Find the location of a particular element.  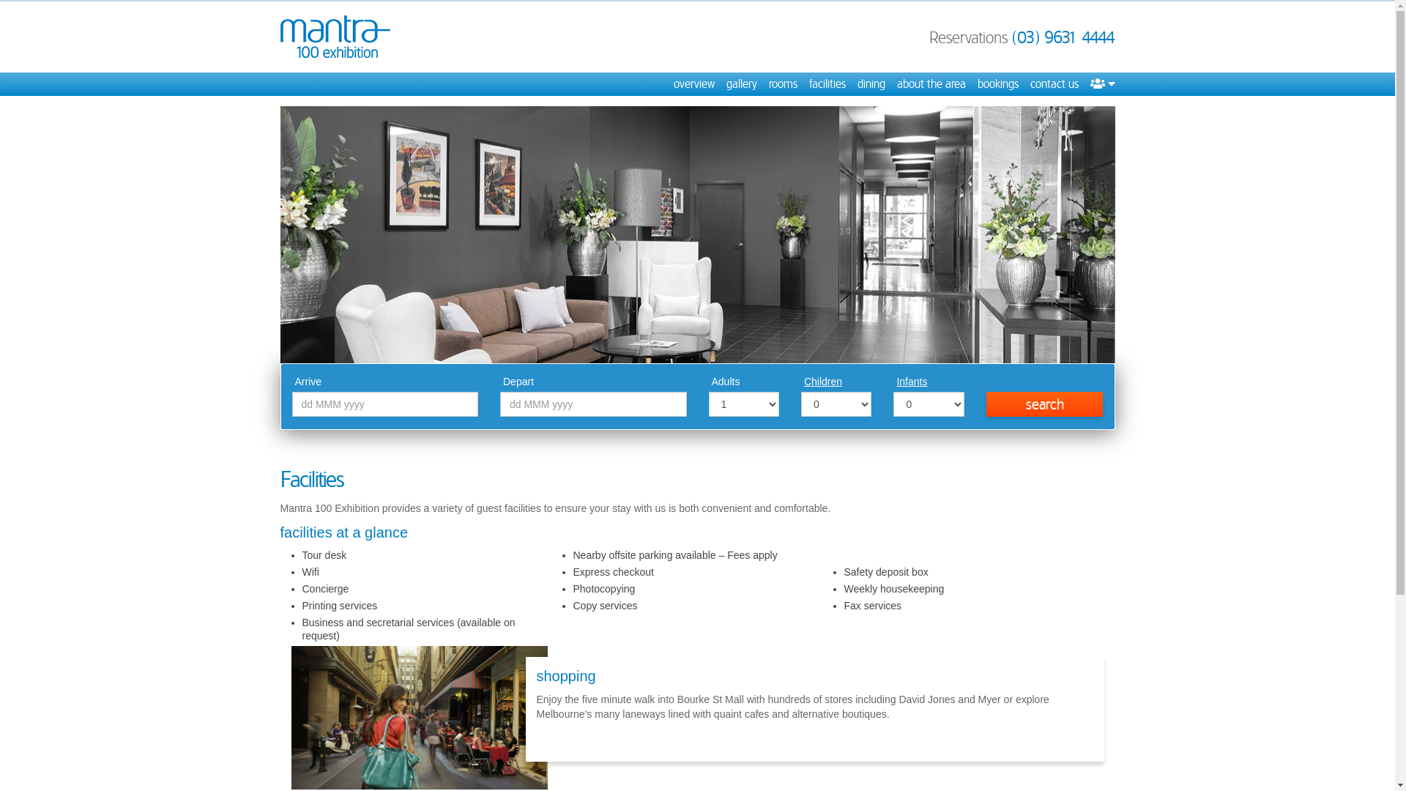

'facilities' is located at coordinates (826, 84).